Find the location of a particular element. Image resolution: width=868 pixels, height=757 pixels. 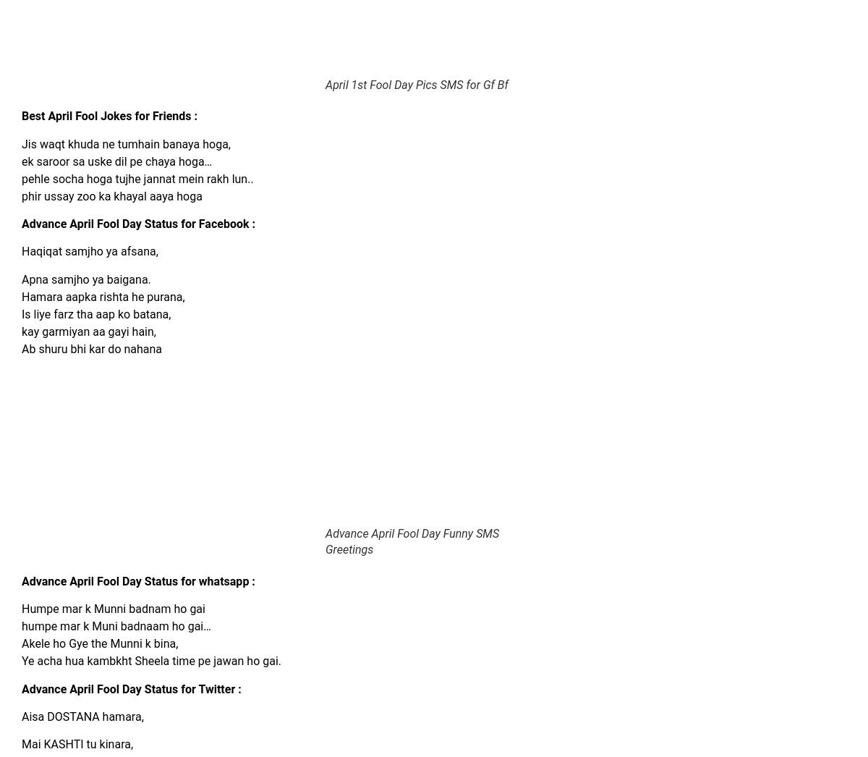

'April 1st Fool Day Pics SMS for Gf Bf' is located at coordinates (325, 83).